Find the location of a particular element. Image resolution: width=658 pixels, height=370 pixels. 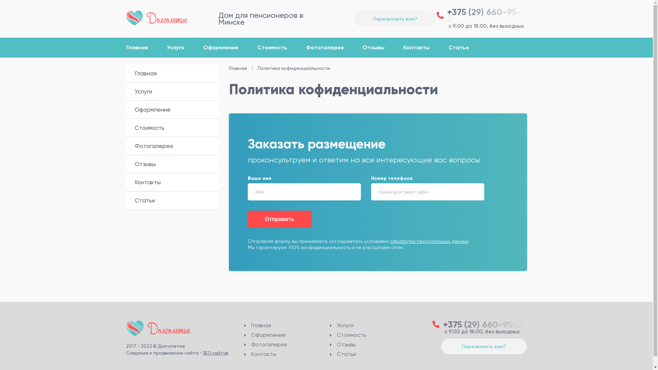

'+375 (29) 660-95-2' is located at coordinates (482, 15).